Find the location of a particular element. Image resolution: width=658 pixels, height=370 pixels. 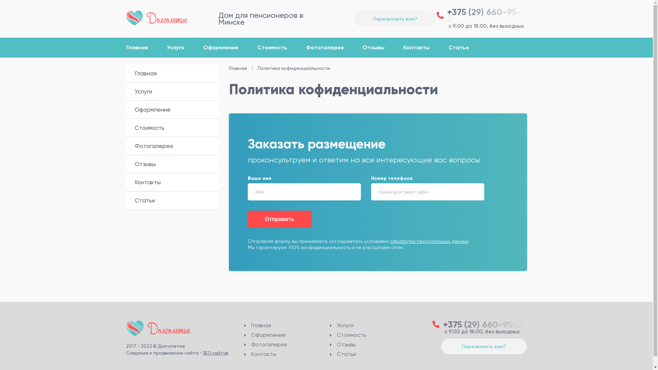

'+375 (29) 660-95-2' is located at coordinates (482, 15).